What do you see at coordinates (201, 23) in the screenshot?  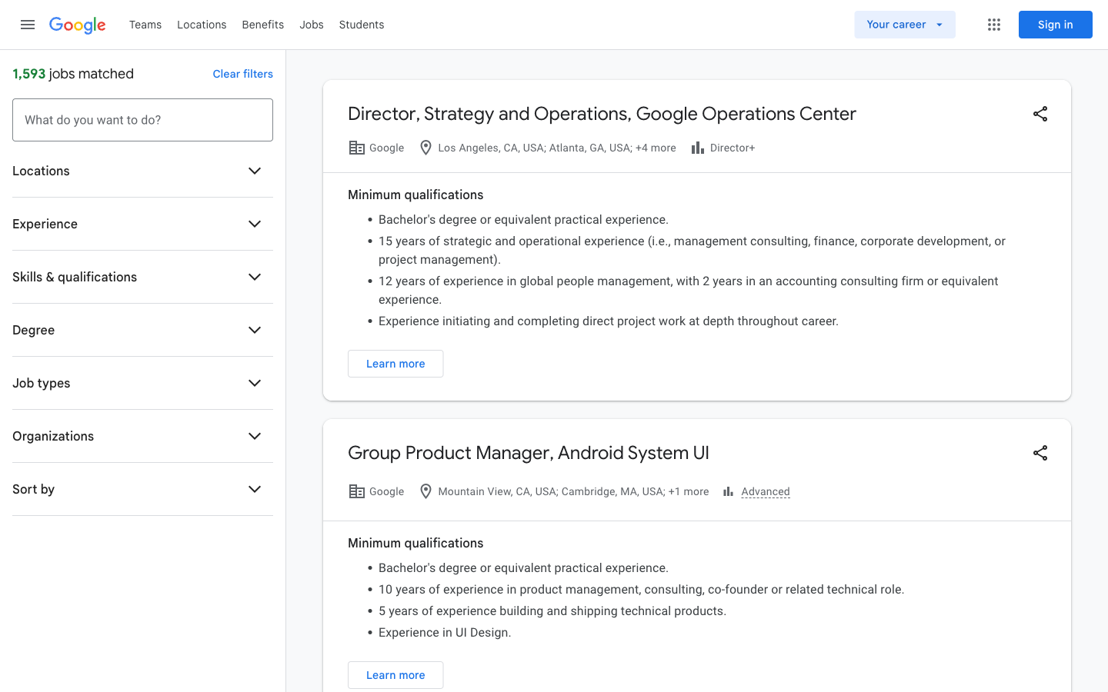 I see `Verify all the sites` at bounding box center [201, 23].